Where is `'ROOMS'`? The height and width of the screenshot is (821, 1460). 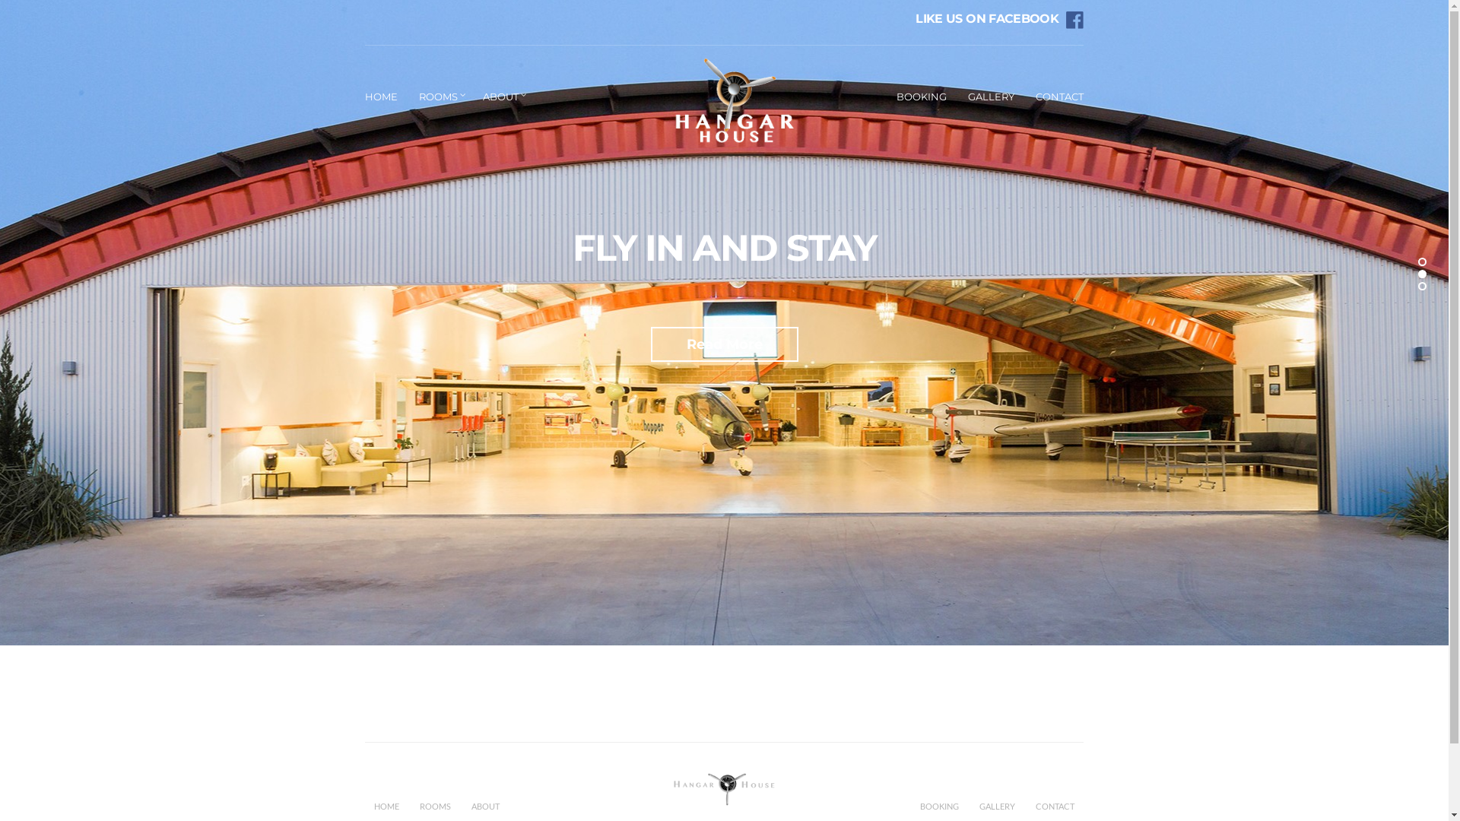 'ROOMS' is located at coordinates (419, 99).